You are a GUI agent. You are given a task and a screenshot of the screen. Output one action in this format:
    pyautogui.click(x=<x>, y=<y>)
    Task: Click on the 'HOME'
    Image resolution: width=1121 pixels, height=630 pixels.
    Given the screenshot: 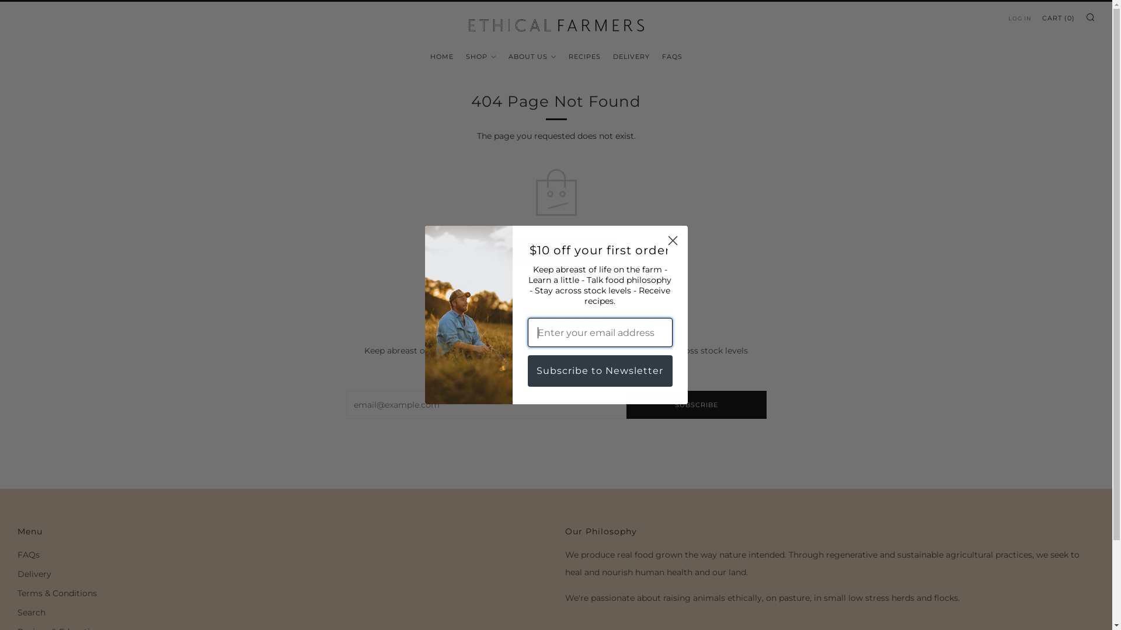 What is the action you would take?
    pyautogui.click(x=441, y=56)
    